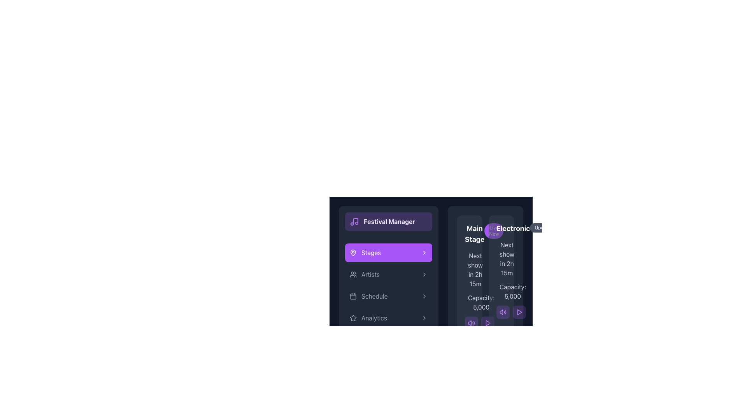  What do you see at coordinates (501, 311) in the screenshot?
I see `the Icon Button for controlling volume/audio settings` at bounding box center [501, 311].